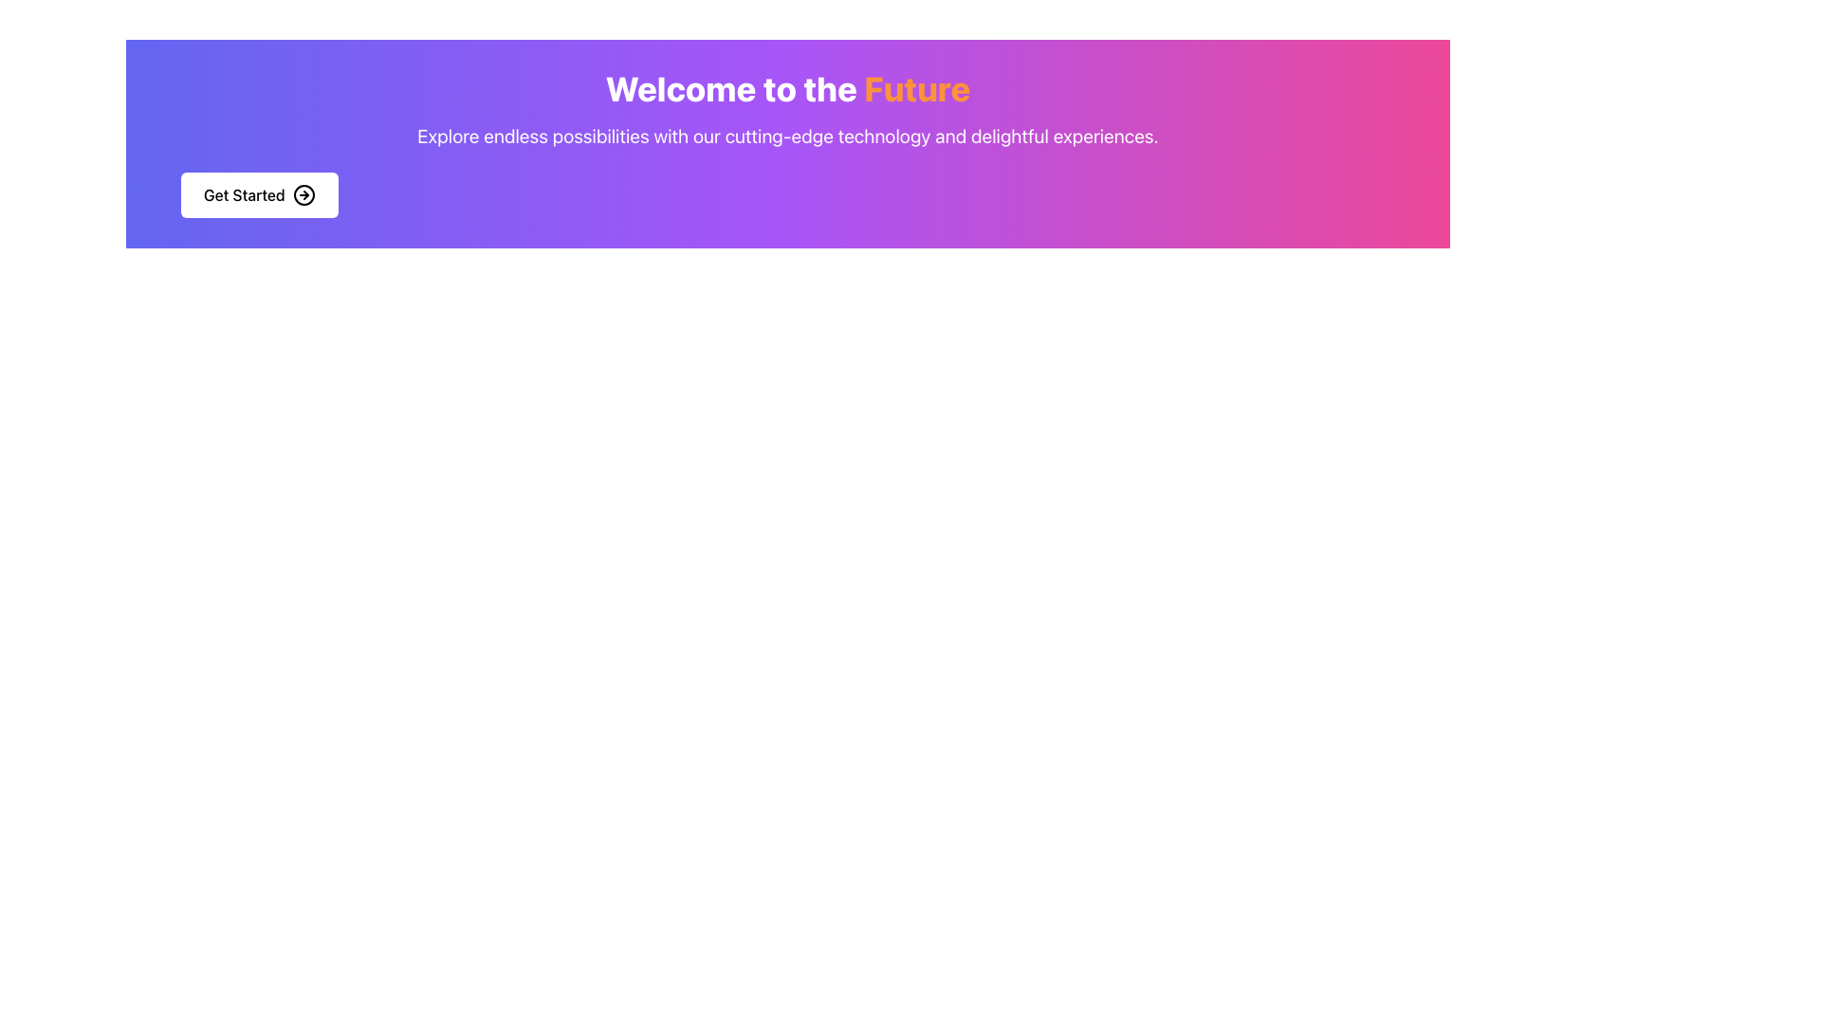 This screenshot has height=1024, width=1821. What do you see at coordinates (787, 88) in the screenshot?
I see `the prominently displayed header text that reads 'Welcome to the Future', which features bold styling and highlights the word 'Future' in orange against a gradient background` at bounding box center [787, 88].